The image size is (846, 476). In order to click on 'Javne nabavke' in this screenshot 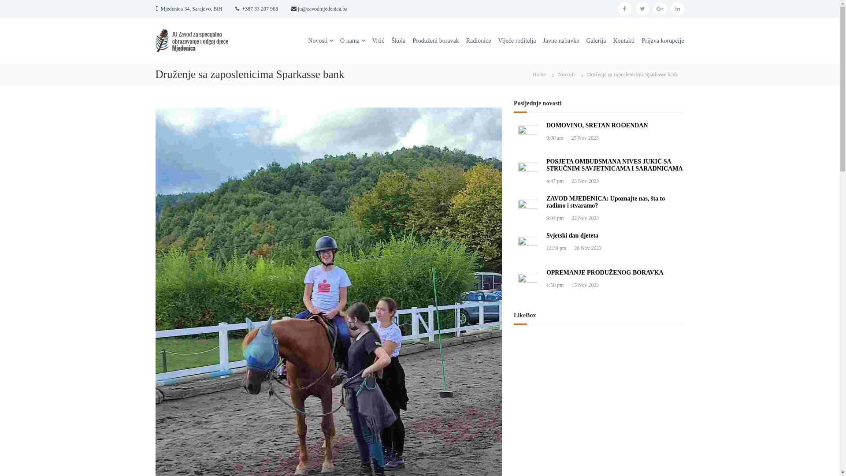, I will do `click(560, 40)`.